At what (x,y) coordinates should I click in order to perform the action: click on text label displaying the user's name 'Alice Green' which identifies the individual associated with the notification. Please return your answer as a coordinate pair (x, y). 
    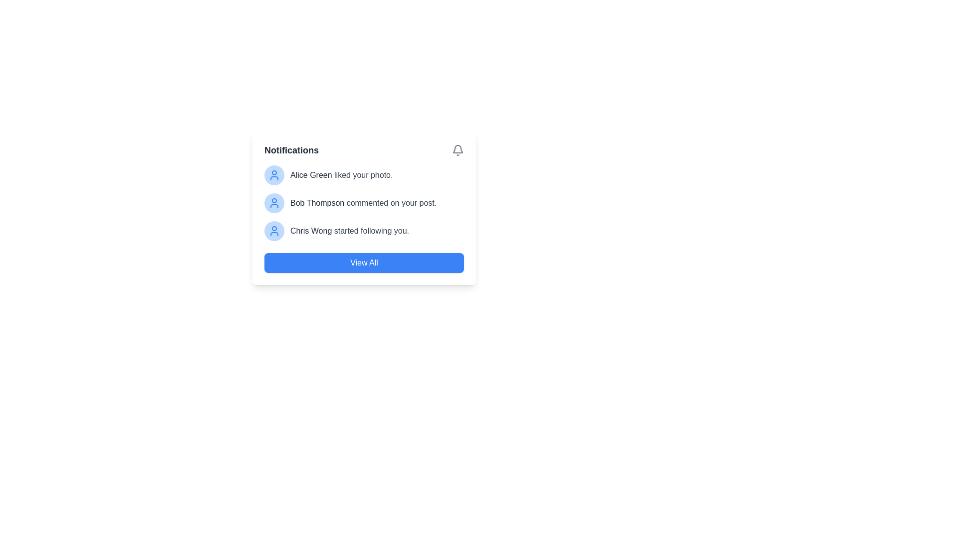
    Looking at the image, I should click on (310, 174).